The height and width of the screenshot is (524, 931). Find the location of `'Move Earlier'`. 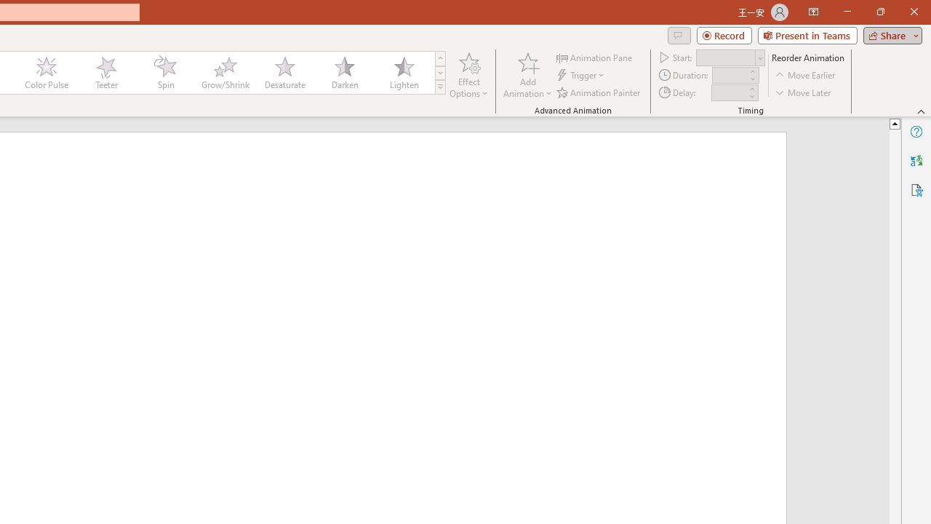

'Move Earlier' is located at coordinates (804, 75).